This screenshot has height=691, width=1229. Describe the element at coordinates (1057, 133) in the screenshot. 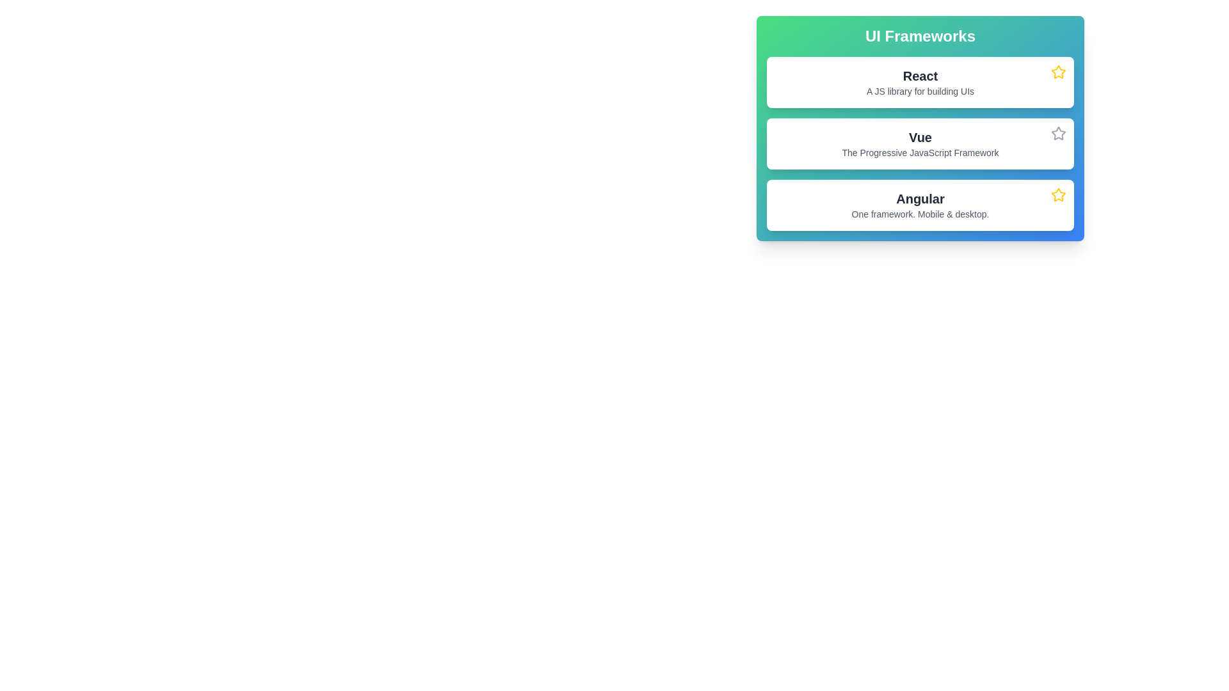

I see `the star-shaped icon with a gray border located adjacent to the list item 'Vue'` at that location.